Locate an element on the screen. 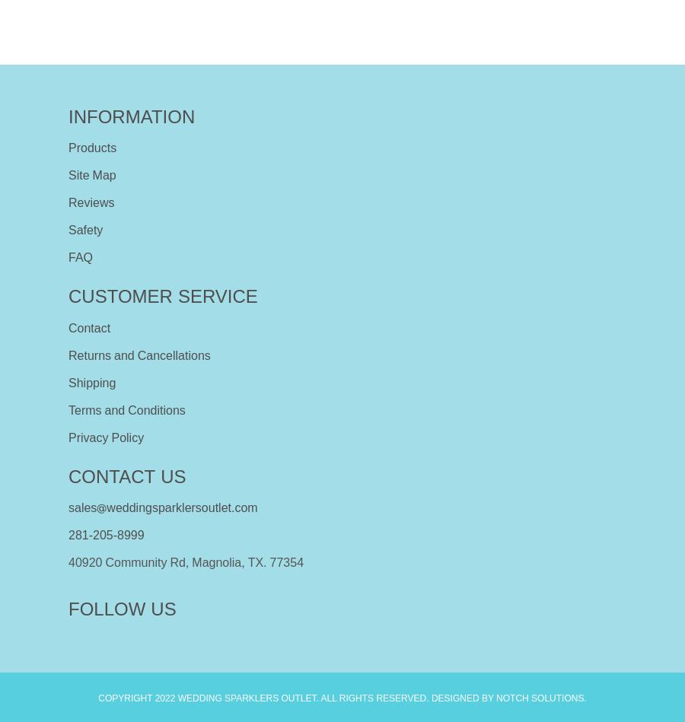  'INFORMATION' is located at coordinates (131, 116).